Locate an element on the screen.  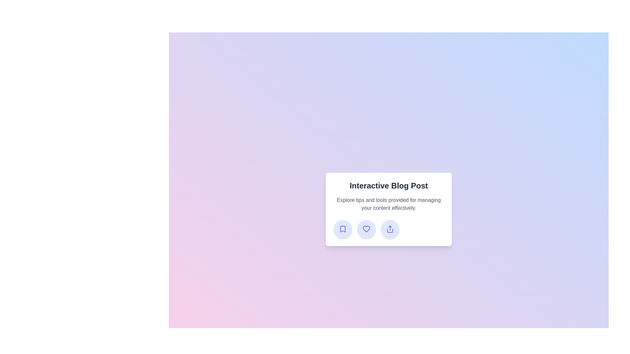
the leftmost icon button resembling a bookmark with a light indigo background is located at coordinates (343, 228).